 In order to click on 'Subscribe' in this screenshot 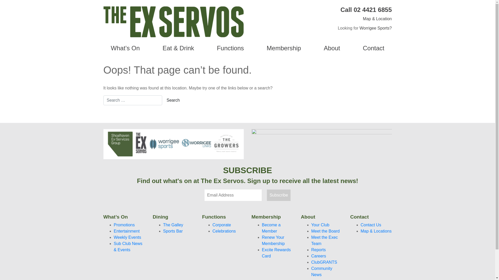, I will do `click(278, 195)`.